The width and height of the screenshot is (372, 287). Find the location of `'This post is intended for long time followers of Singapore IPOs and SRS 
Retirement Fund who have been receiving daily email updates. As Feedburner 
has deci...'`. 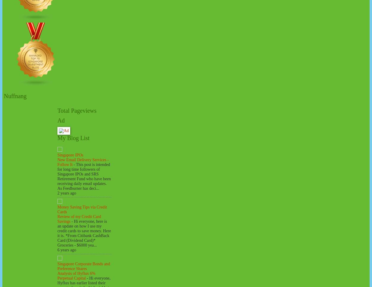

'This post is intended for long time followers of Singapore IPOs and SRS 
Retirement Fund who have been receiving daily email updates. As Feedburner 
has deci...' is located at coordinates (84, 176).